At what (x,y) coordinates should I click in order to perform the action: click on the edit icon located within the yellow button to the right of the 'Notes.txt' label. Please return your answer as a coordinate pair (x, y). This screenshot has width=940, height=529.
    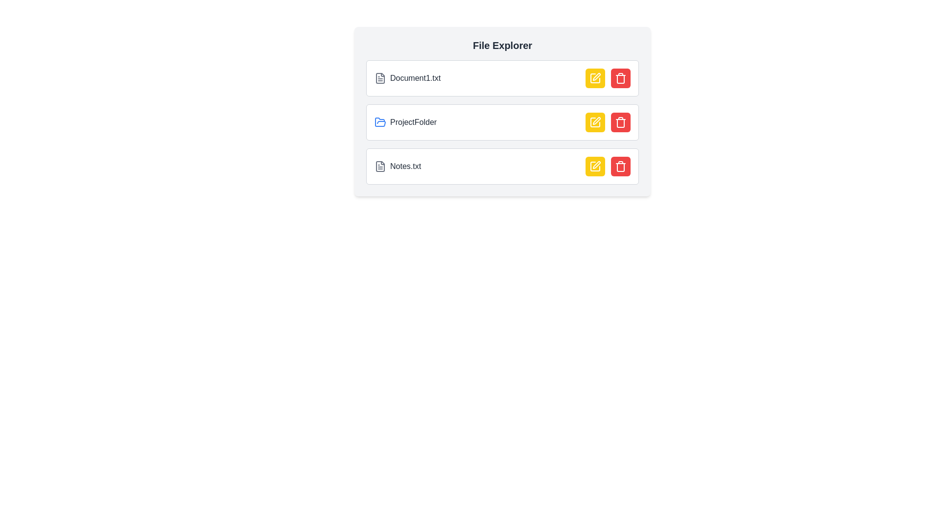
    Looking at the image, I should click on (594, 166).